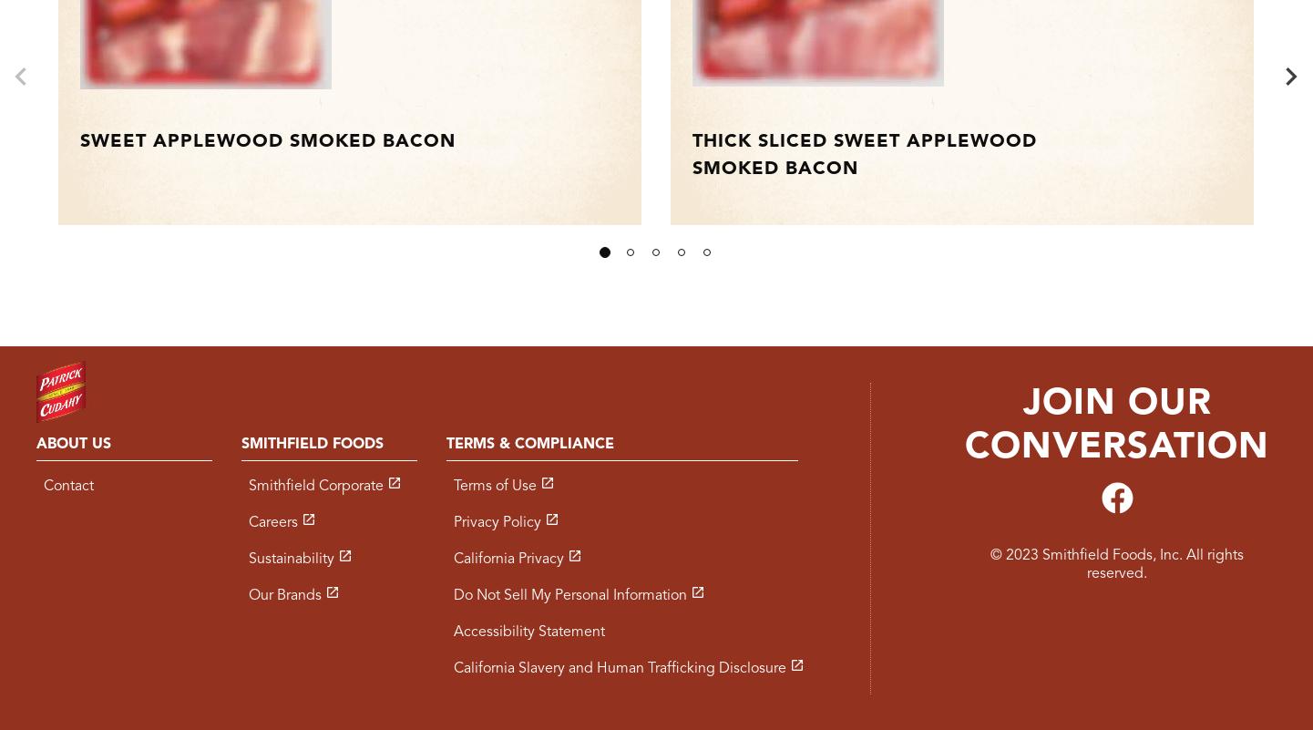 This screenshot has height=730, width=1313. Describe the element at coordinates (1021, 555) in the screenshot. I see `'2023'` at that location.